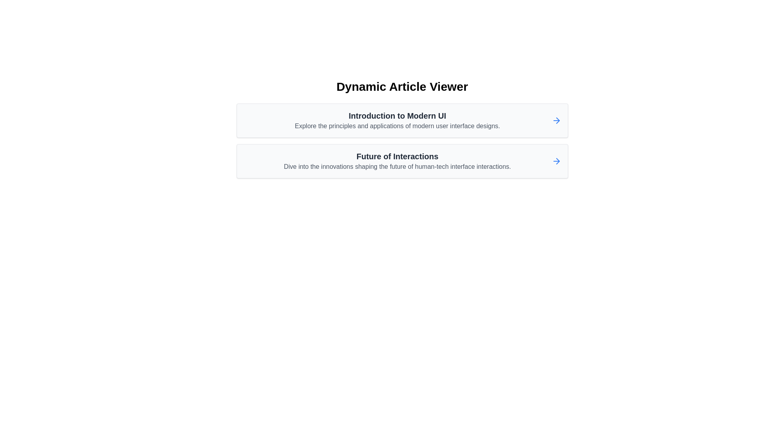 The height and width of the screenshot is (430, 765). I want to click on the navigation arrow icon located in the rightmost region of the 'Future of Interactions' section to redirect users to the detailed page or action related to this topic, so click(556, 161).